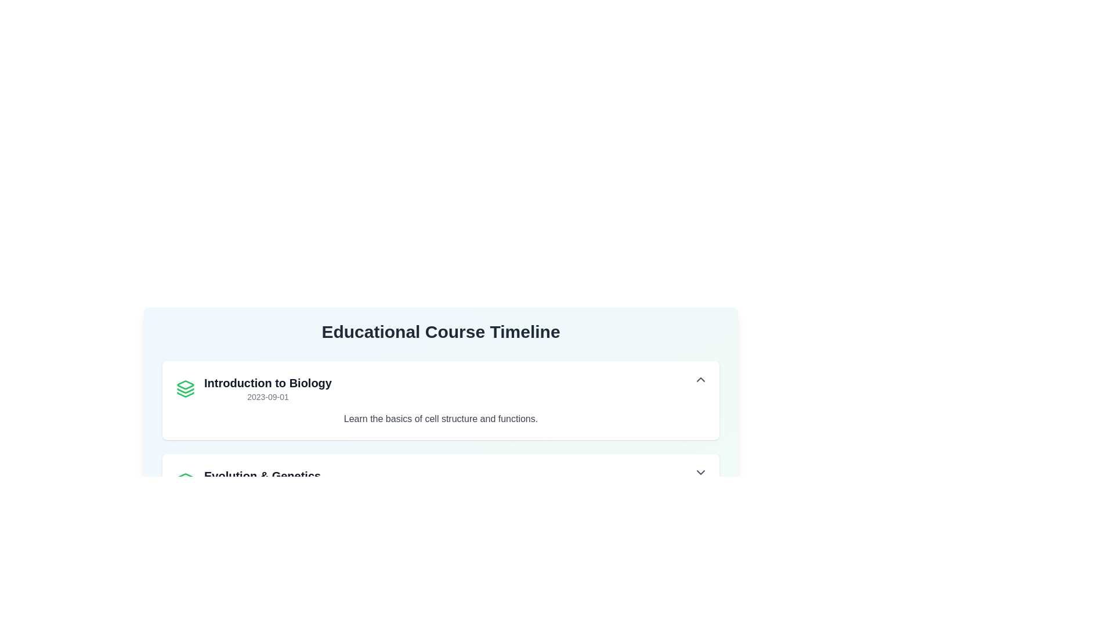  Describe the element at coordinates (700, 472) in the screenshot. I see `the Dropdown toggle button (interactive icon) located at the top-right corner of the 'Evolution & Genetics' card to observe hover effects` at that location.